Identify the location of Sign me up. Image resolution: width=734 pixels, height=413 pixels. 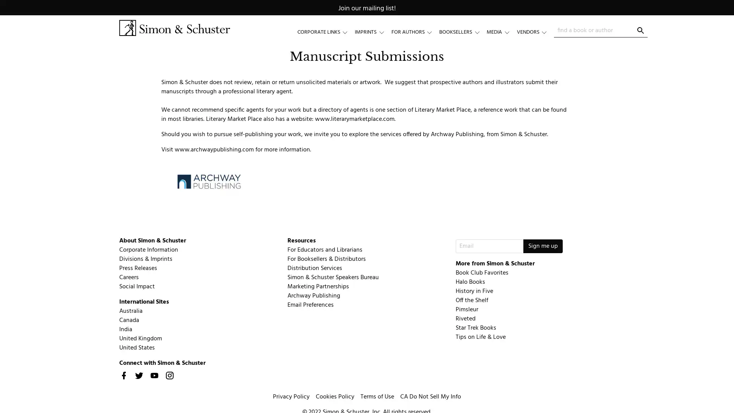
(542, 246).